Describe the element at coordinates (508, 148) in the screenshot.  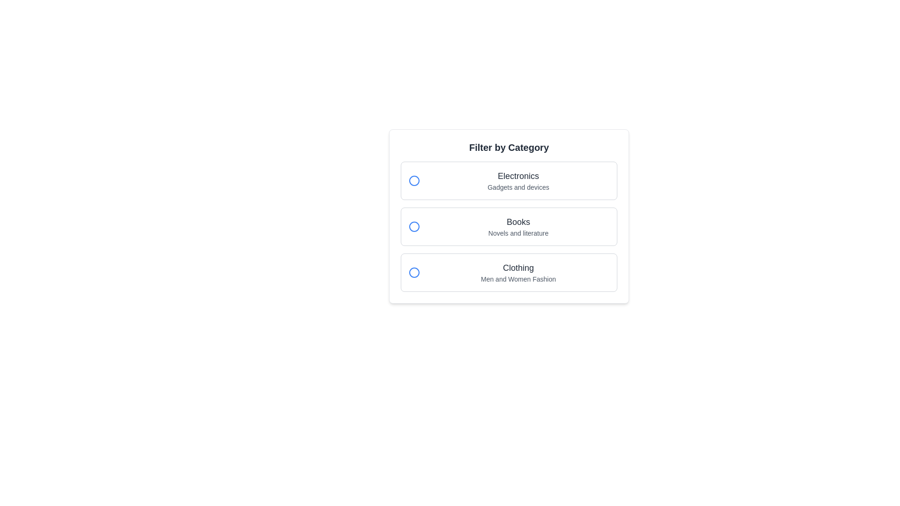
I see `the bold text label displaying 'Filter by Category' located above the category selection options` at that location.